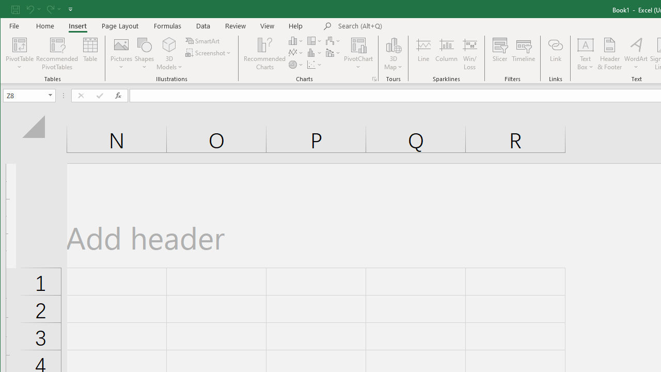 This screenshot has height=372, width=661. I want to click on 'SmartArt...', so click(203, 40).